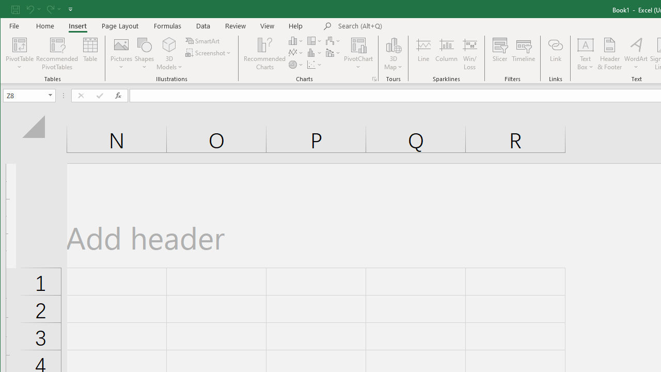 This screenshot has height=372, width=661. I want to click on 'SmartArt...', so click(203, 40).